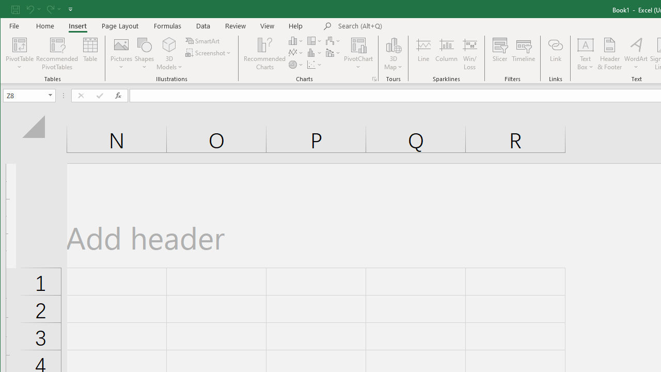 This screenshot has height=372, width=661. I want to click on 'SmartArt...', so click(203, 40).